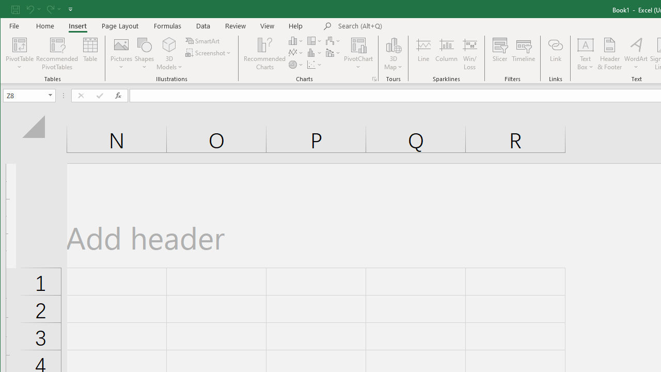 This screenshot has height=372, width=661. I want to click on 'SmartArt...', so click(203, 40).